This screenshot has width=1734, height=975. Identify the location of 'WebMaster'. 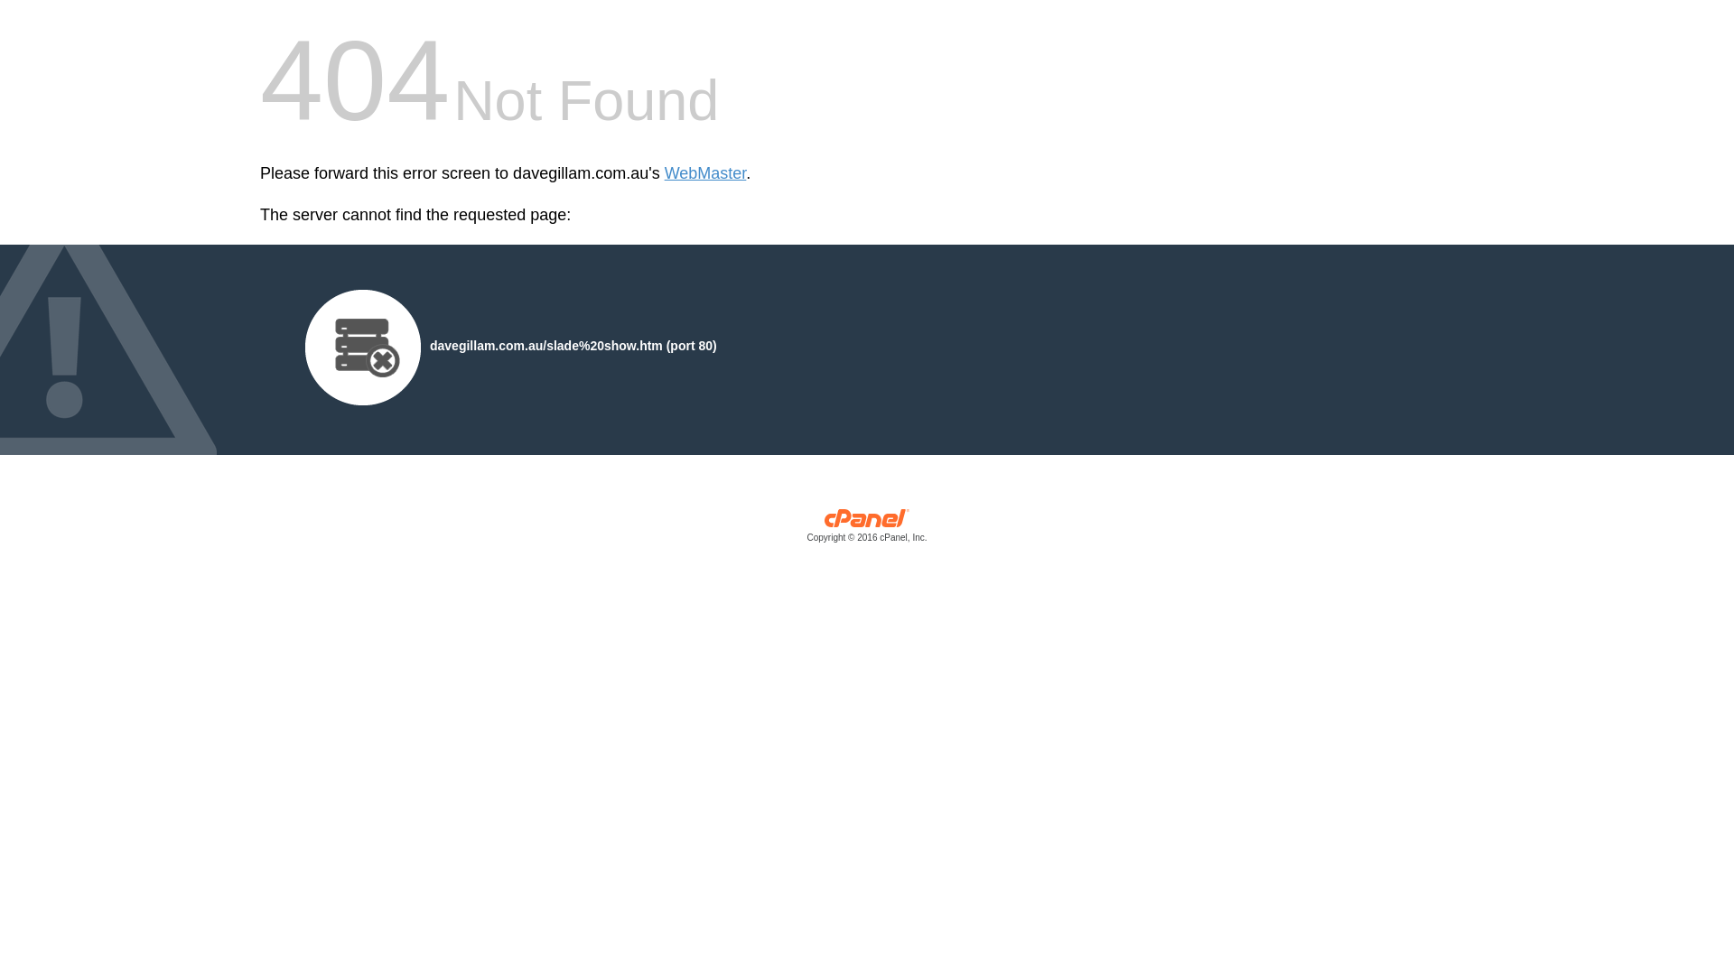
(704, 173).